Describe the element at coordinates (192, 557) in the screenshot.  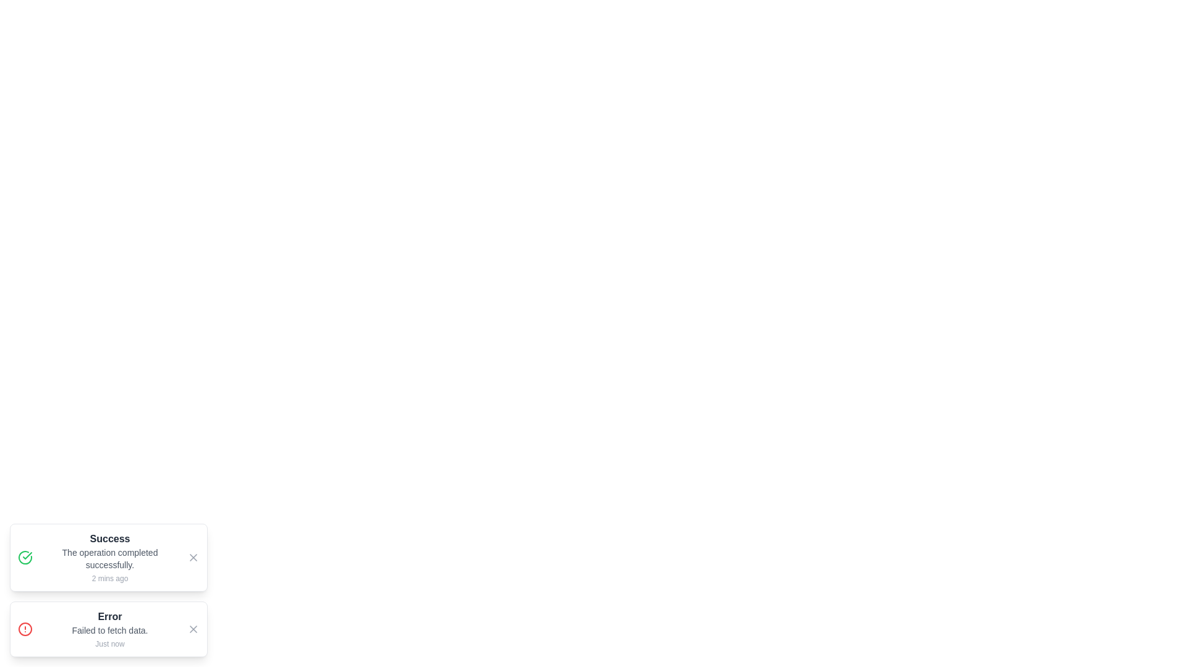
I see `the close button located in the top-right corner of the success notification that displays 'The operation completed successfully.'` at that location.